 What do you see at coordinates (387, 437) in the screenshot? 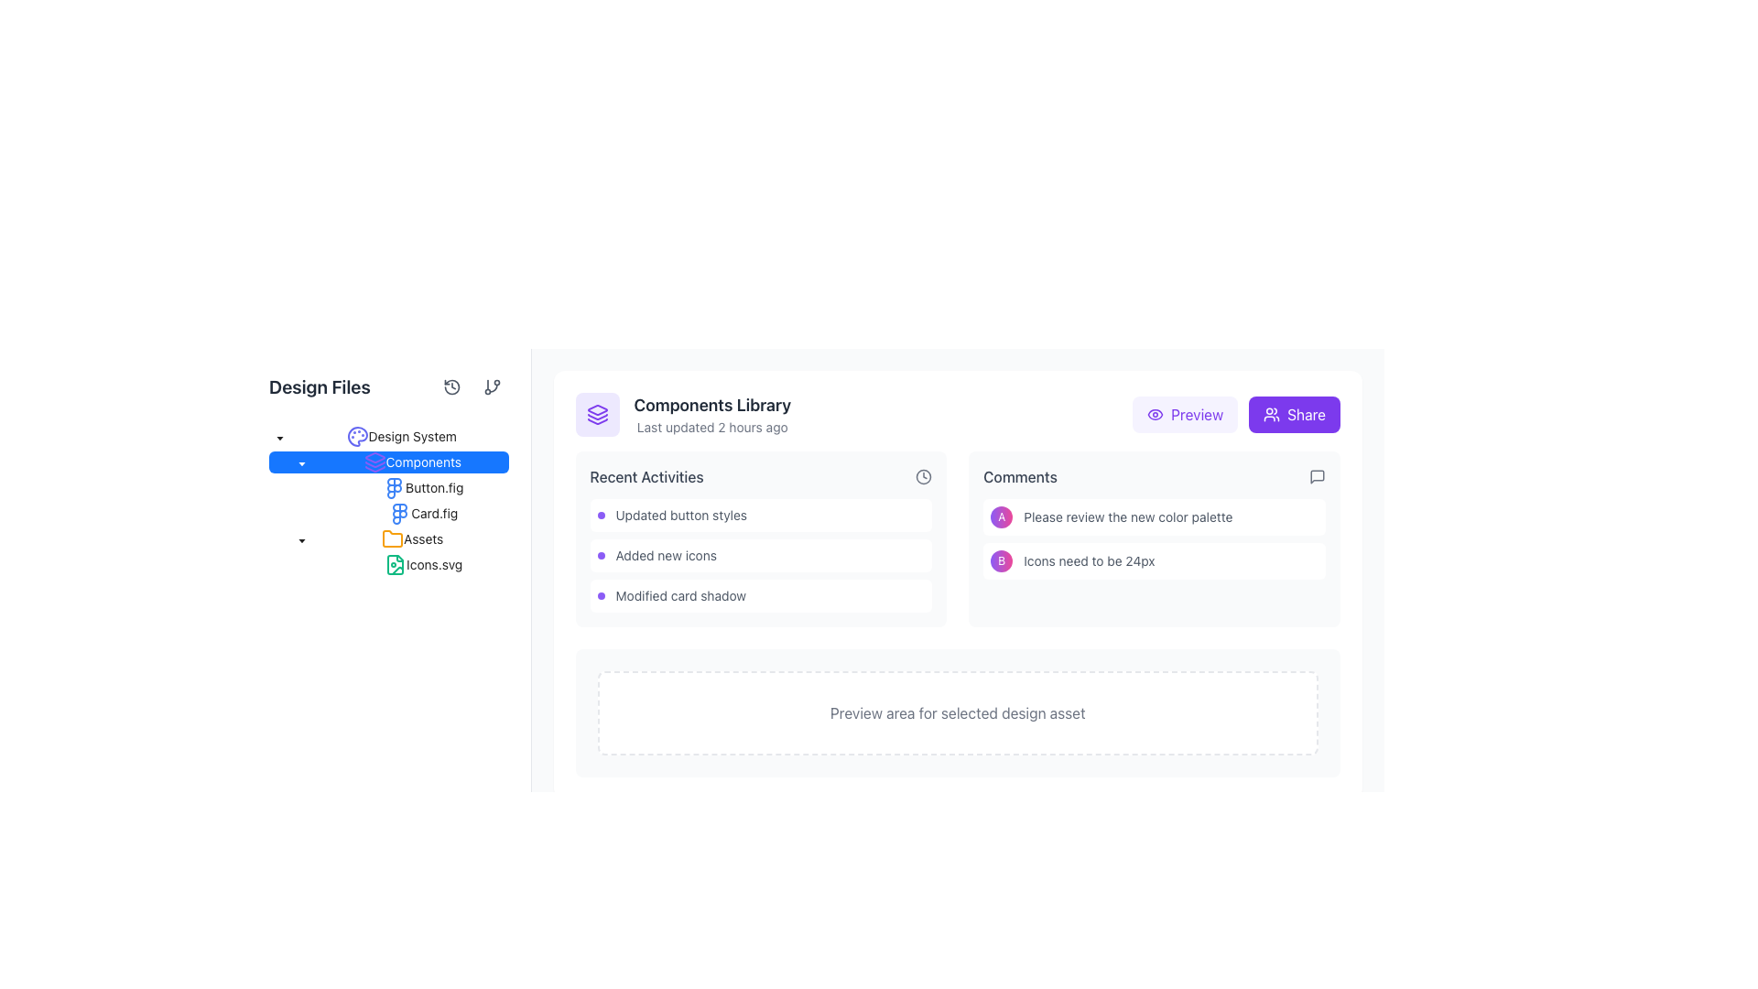
I see `the toggle arrow of the 'Design System' tree item in the hierarchical menu` at bounding box center [387, 437].